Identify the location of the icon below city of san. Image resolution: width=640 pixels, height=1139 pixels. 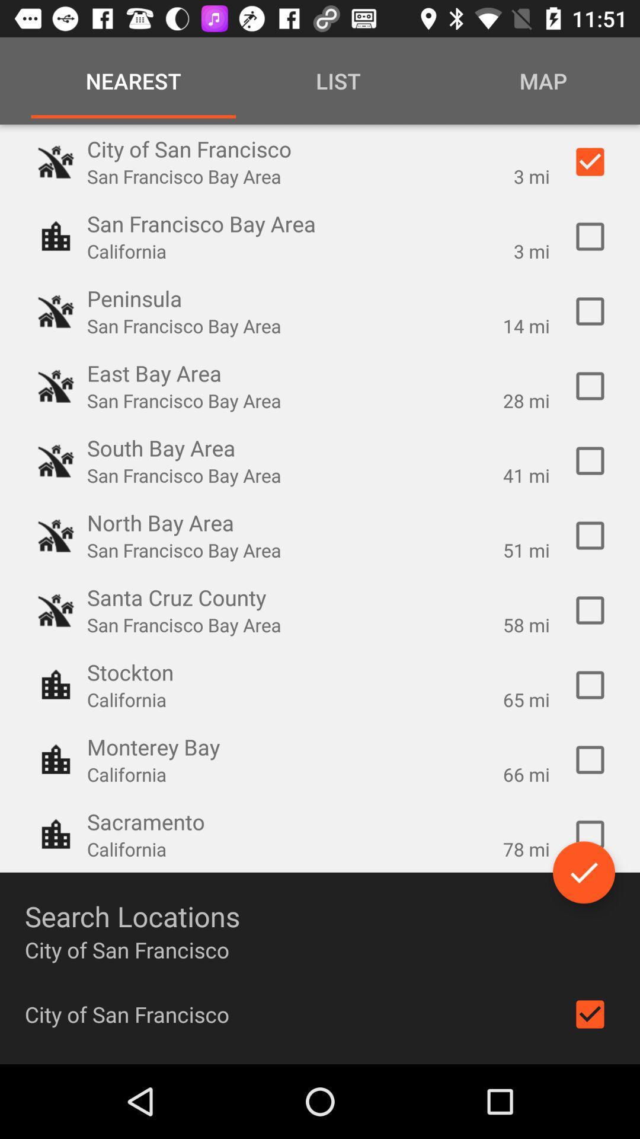
(590, 1013).